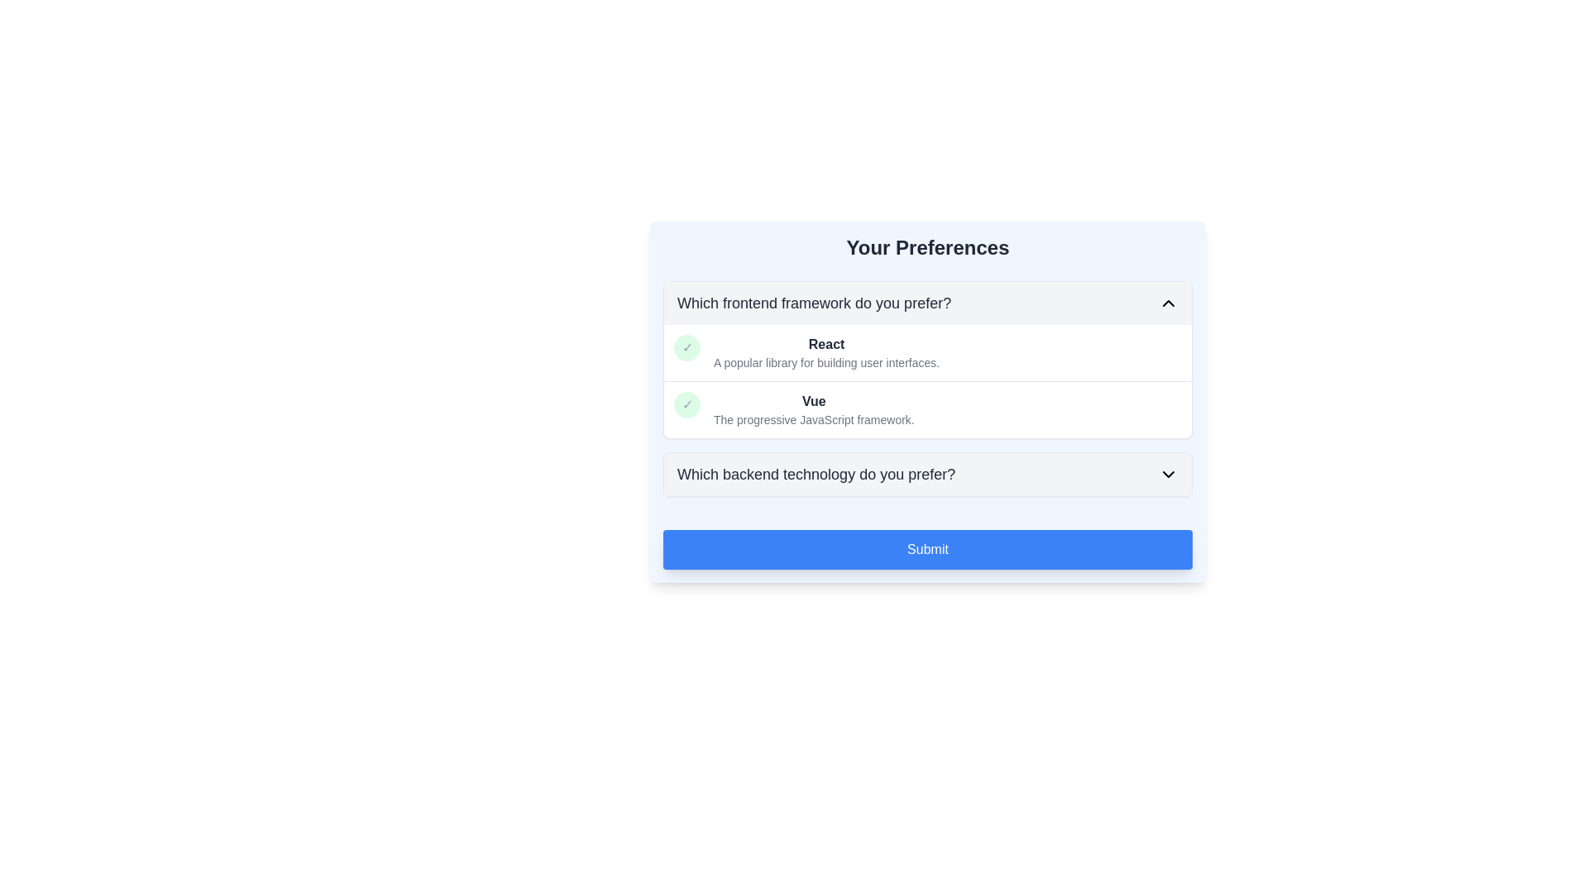 The image size is (1588, 893). What do you see at coordinates (814, 419) in the screenshot?
I see `the label displaying 'The progressive JavaScript framework.' which is positioned below the primary label 'Vue' in the list of frontend framework preferences` at bounding box center [814, 419].